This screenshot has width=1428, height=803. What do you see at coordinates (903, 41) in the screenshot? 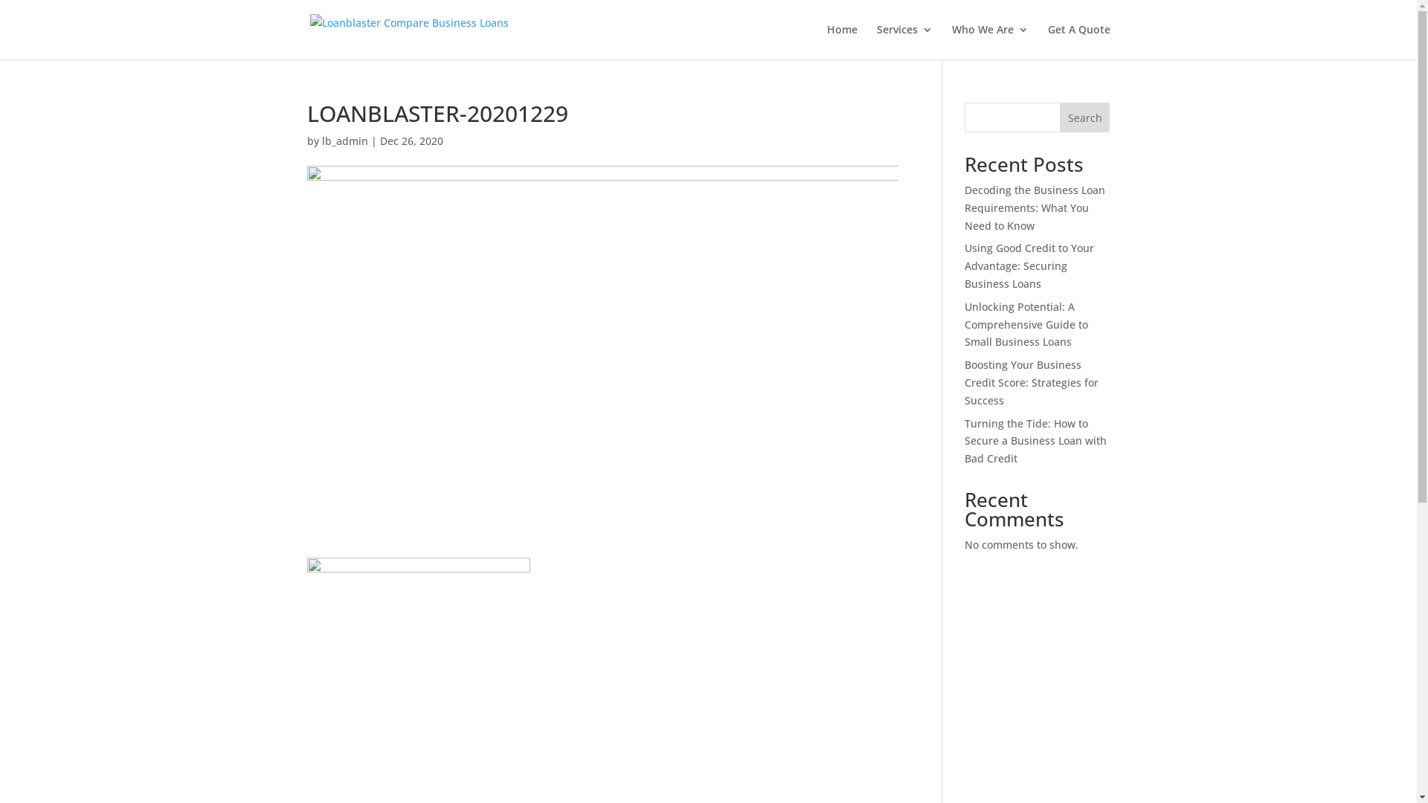
I see `'Services'` at bounding box center [903, 41].